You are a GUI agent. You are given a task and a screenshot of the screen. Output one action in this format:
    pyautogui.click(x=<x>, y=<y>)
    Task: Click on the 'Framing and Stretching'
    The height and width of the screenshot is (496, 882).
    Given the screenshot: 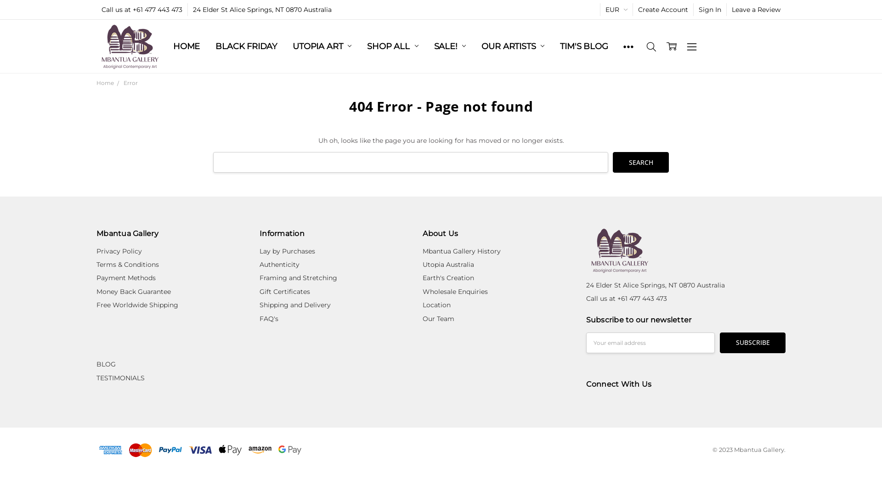 What is the action you would take?
    pyautogui.click(x=259, y=277)
    